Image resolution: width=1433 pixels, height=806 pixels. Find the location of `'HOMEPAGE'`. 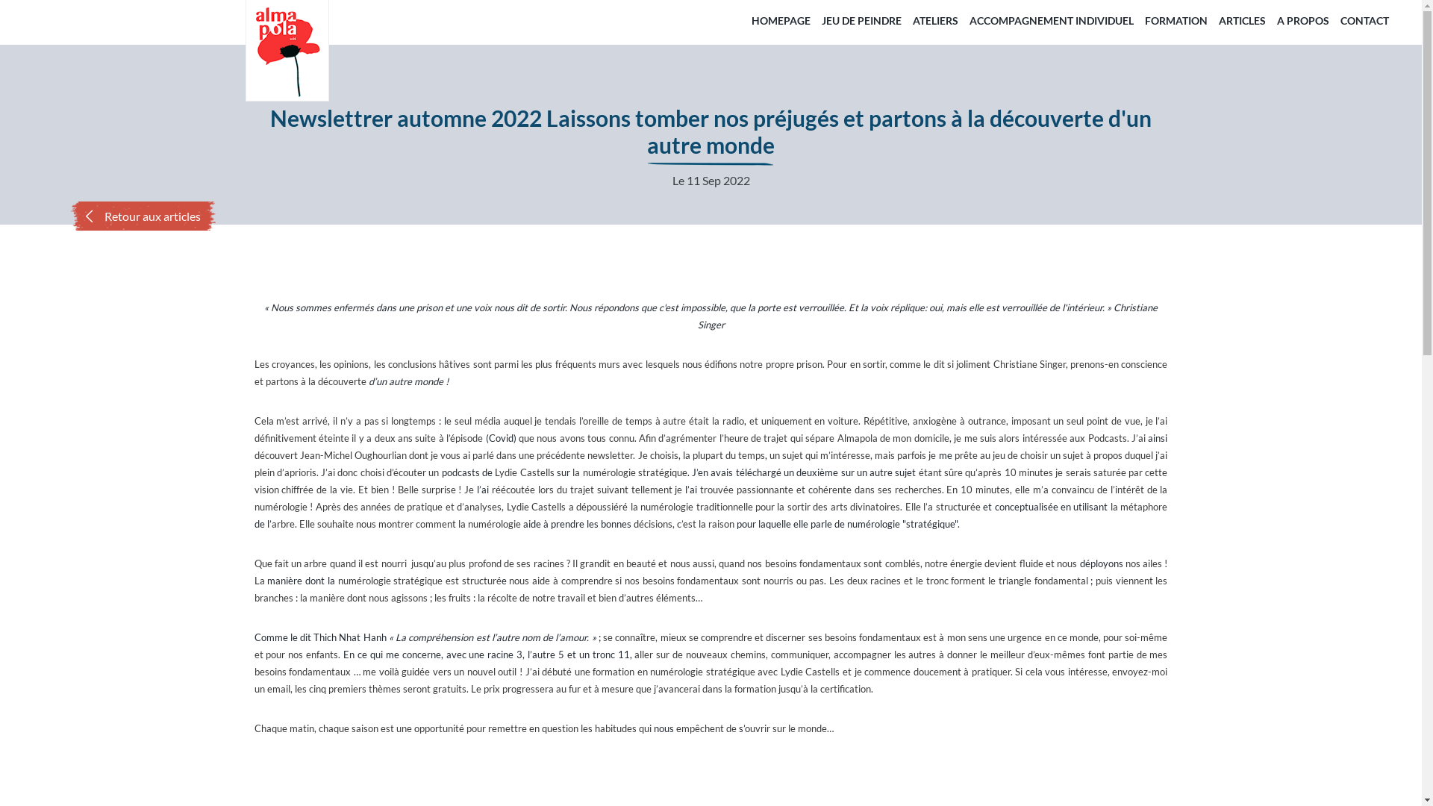

'HOMEPAGE' is located at coordinates (747, 20).